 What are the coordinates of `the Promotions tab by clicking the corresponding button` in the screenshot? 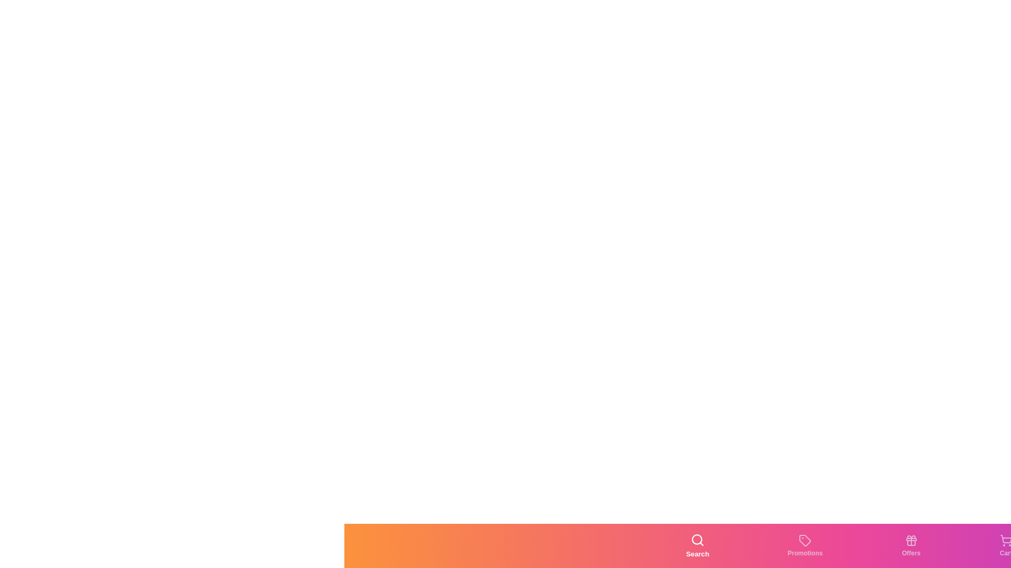 It's located at (805, 545).